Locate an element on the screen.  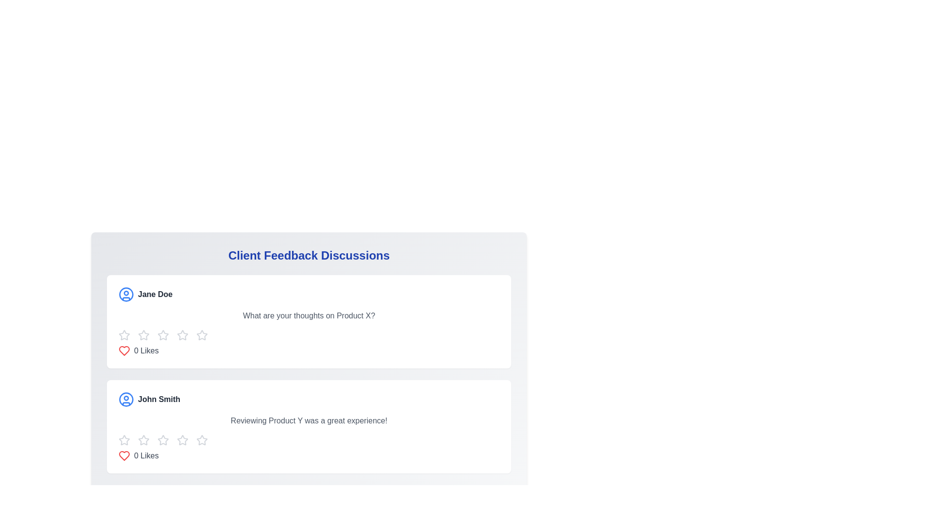
the red heart-shaped icon indicating 'like' or 'favorite' for user 'Jane Doe' is located at coordinates (123, 455).